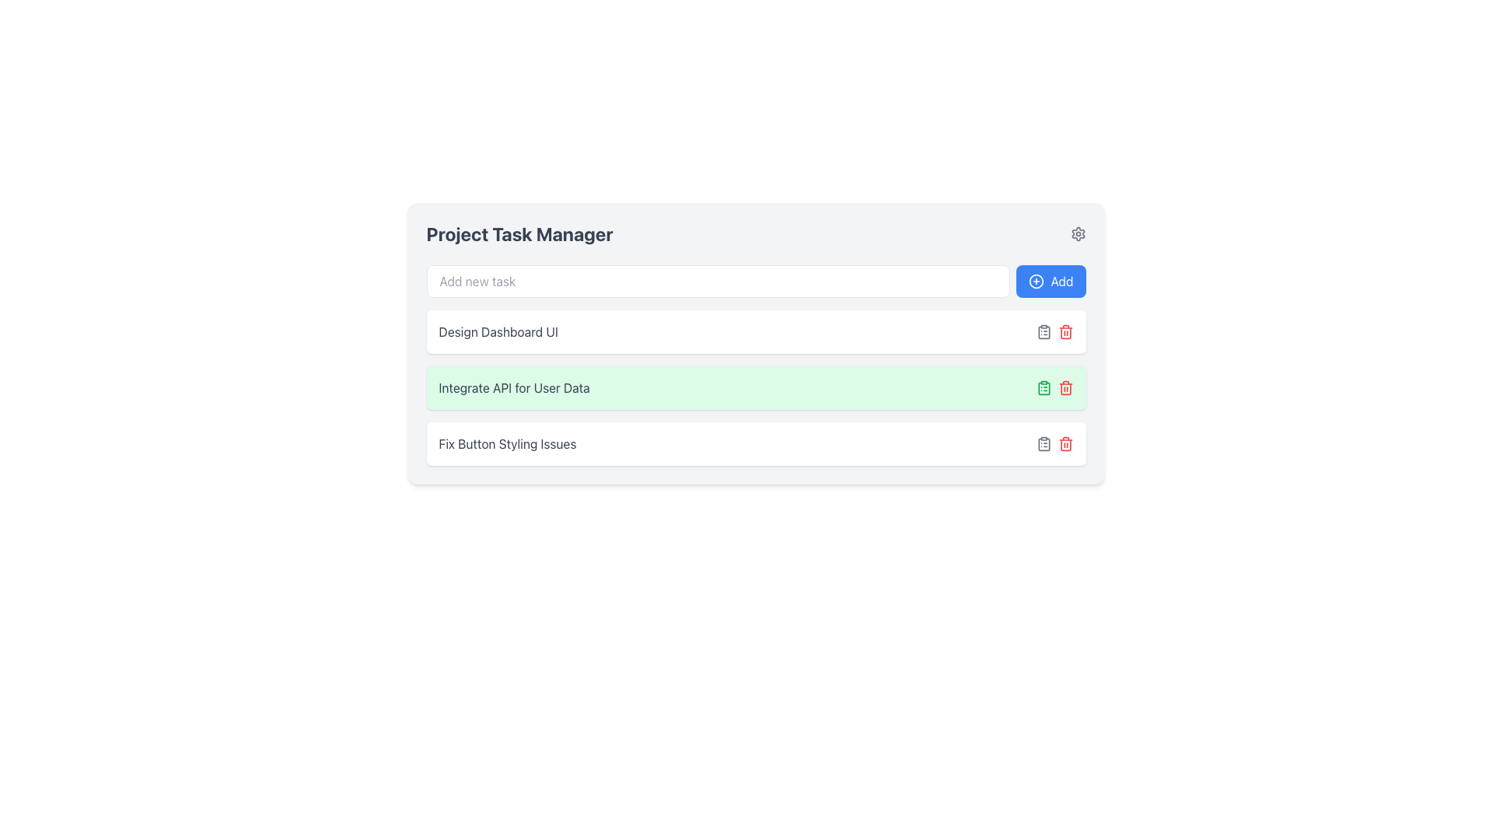 The height and width of the screenshot is (840, 1493). I want to click on the delete button associated with the task 'Integrate API for User Data', so click(1065, 331).